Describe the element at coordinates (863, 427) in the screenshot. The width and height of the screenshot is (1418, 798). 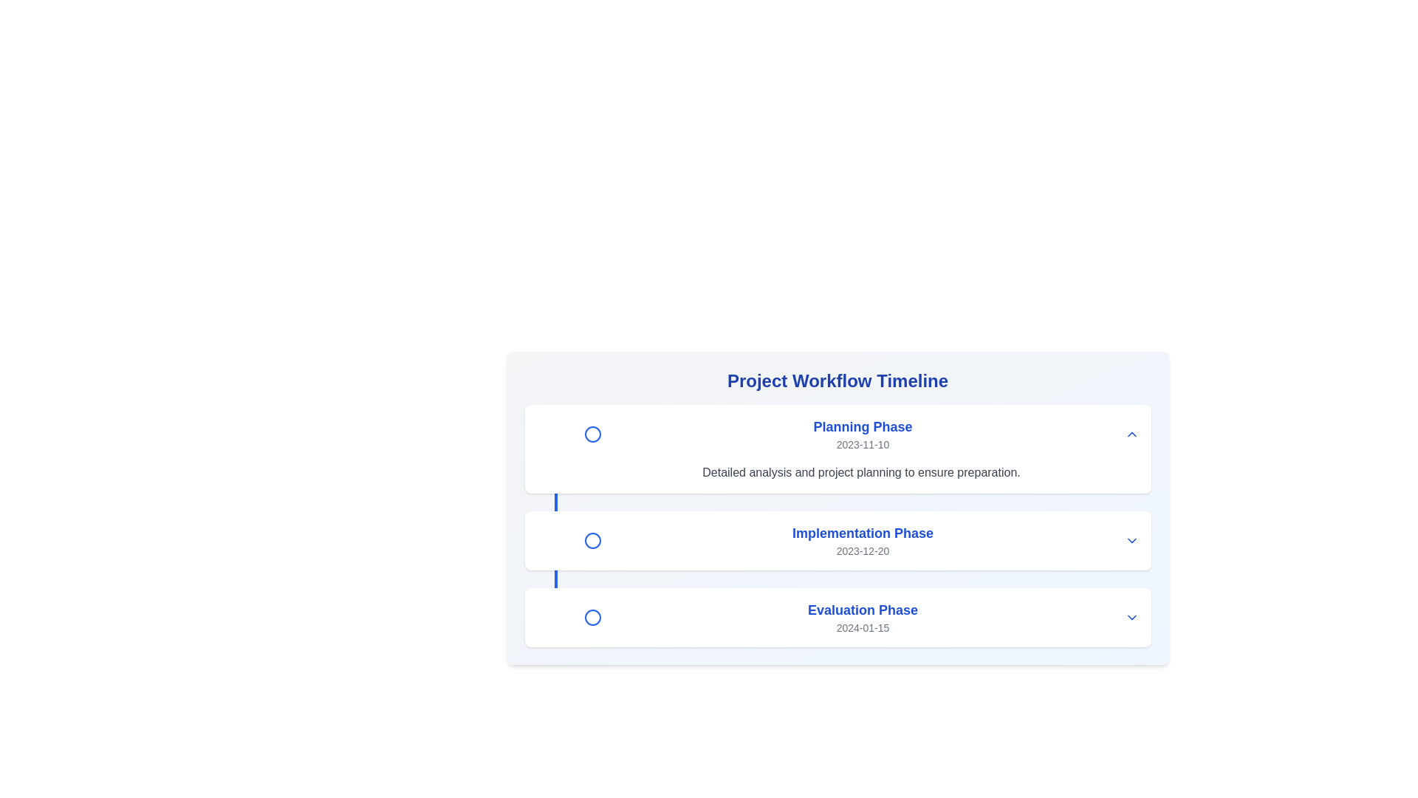
I see `the text element labeled 'Planning Phase' at the top of the workflow timeline` at that location.